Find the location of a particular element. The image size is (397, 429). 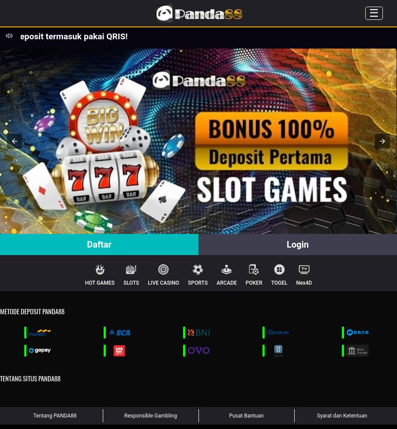

'Nex4D' is located at coordinates (303, 283).